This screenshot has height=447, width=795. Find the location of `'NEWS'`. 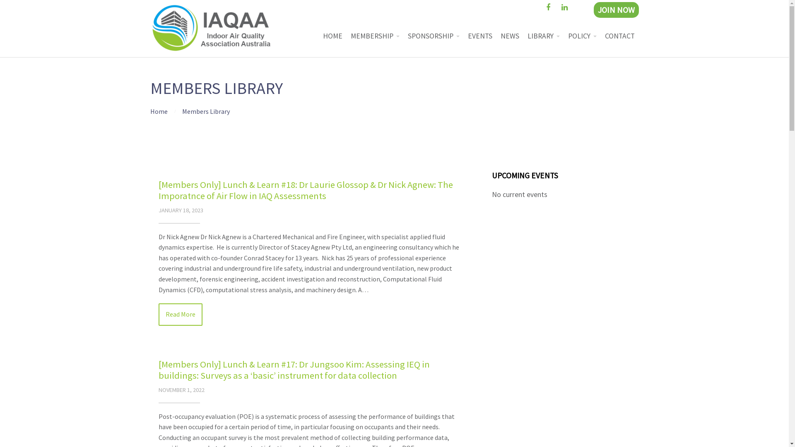

'NEWS' is located at coordinates (496, 36).